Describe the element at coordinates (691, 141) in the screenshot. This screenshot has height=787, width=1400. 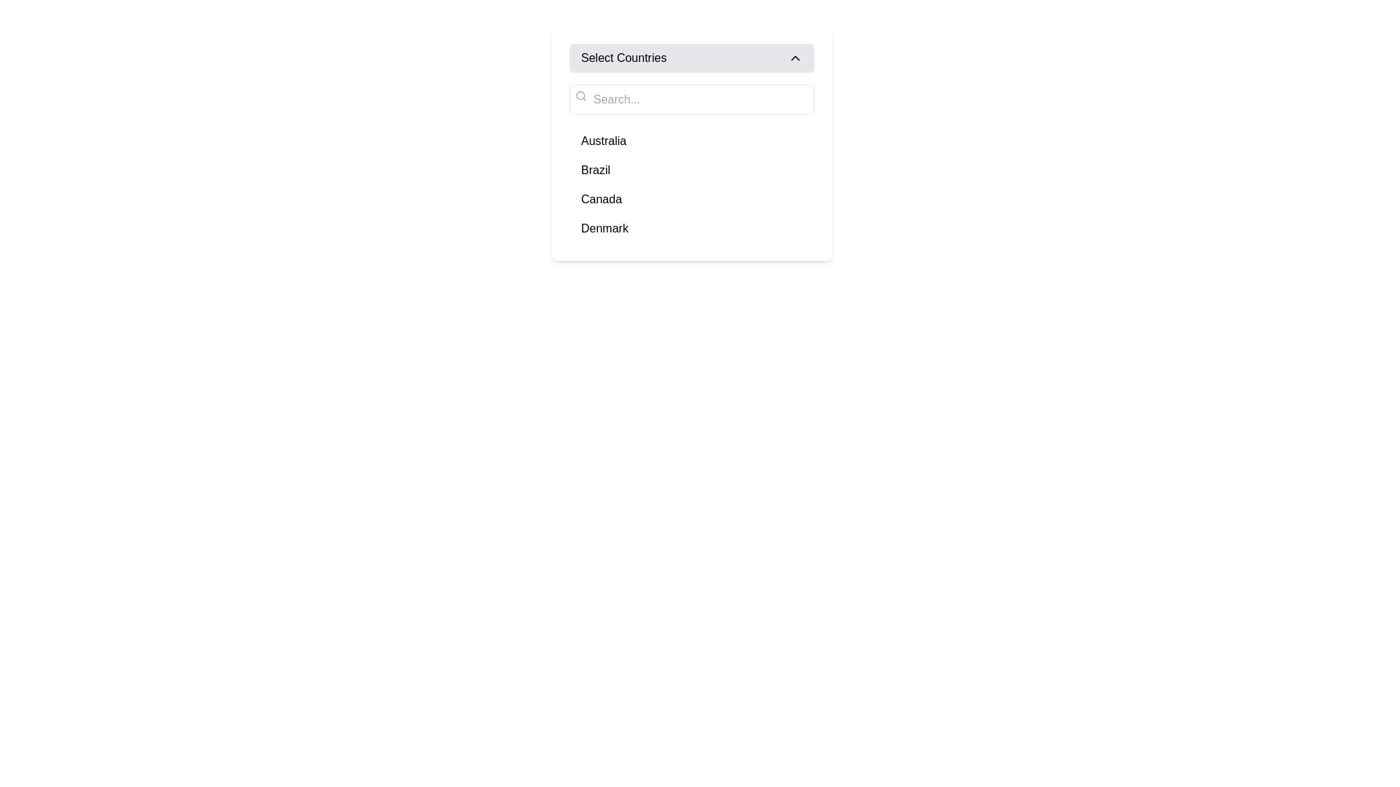
I see `the dropdown menu item displaying 'Australia', which is the first selectable option in the dropdown list located below the search field` at that location.